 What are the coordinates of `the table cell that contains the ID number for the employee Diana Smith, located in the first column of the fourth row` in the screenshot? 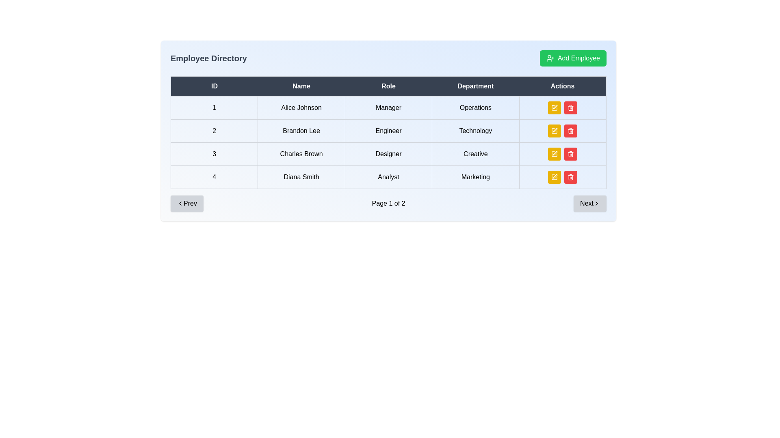 It's located at (214, 176).